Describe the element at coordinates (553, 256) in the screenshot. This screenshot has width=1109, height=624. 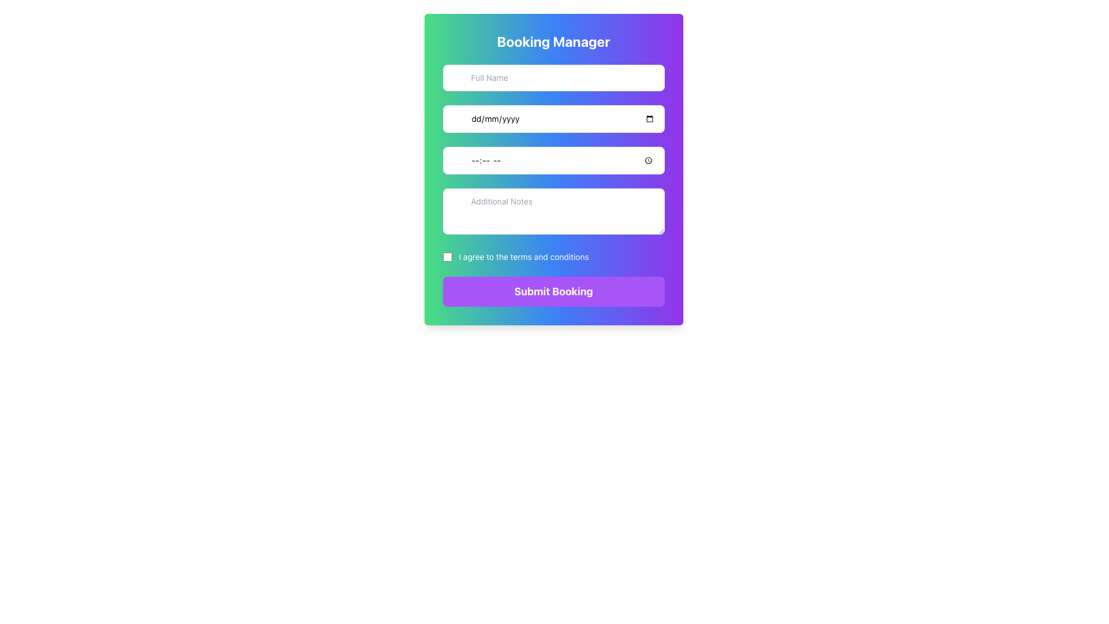
I see `the checkbox labeled 'I agree` at that location.